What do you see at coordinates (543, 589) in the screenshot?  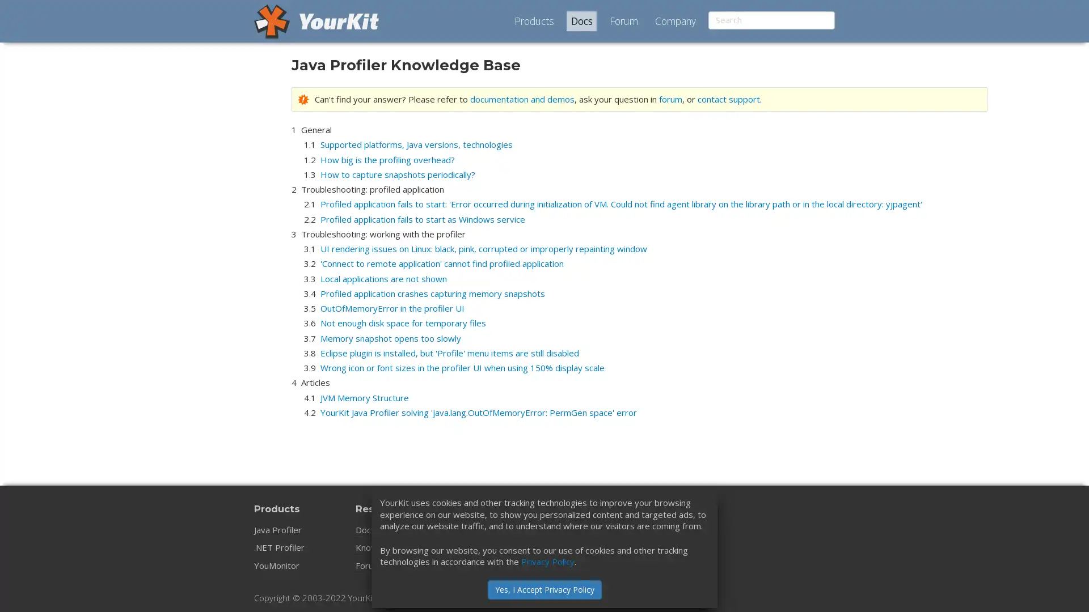 I see `Yes, I Accept Privacy Policy` at bounding box center [543, 589].